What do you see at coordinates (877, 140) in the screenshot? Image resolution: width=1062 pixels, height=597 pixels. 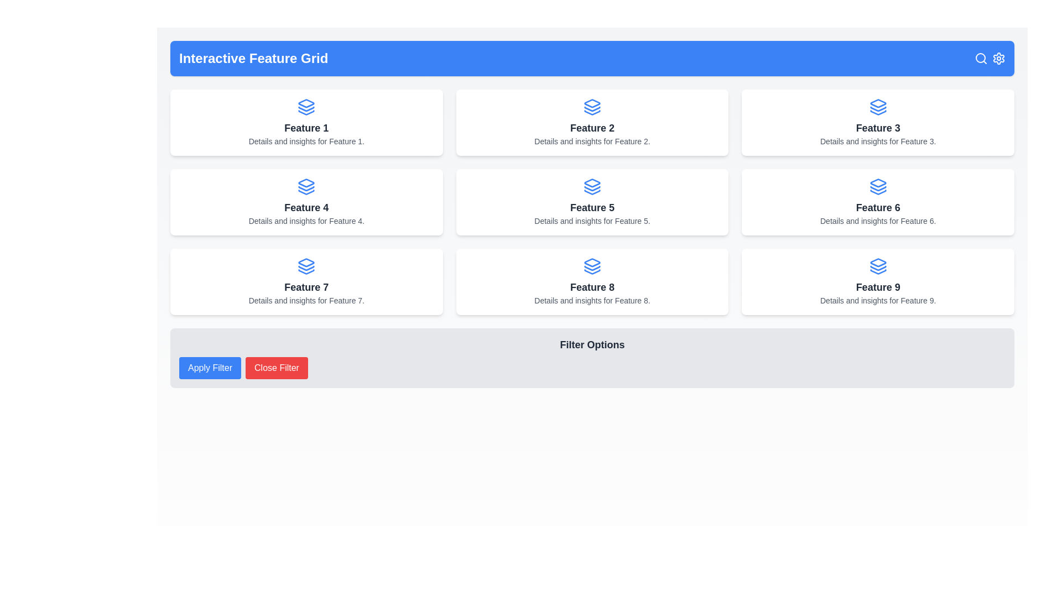 I see `the text label that provides additional explanatory text about 'Feature 3', located in the upper right corner of the third card in a three-column grid layout` at bounding box center [877, 140].